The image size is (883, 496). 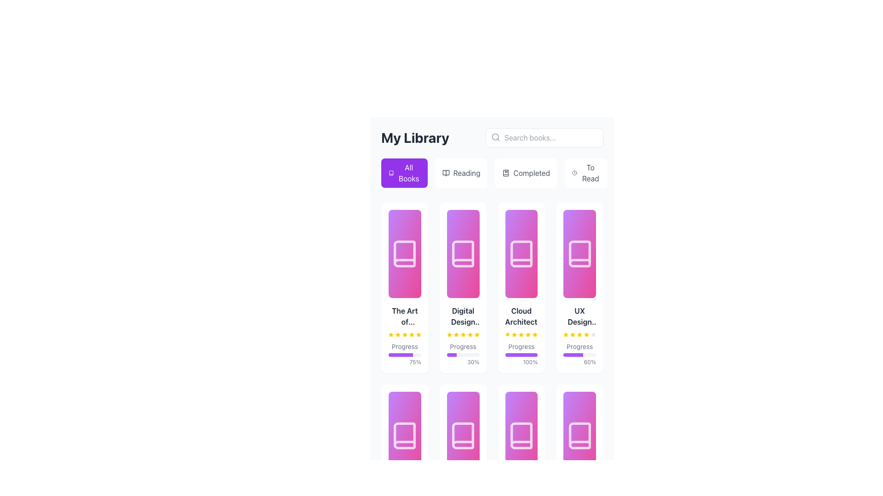 What do you see at coordinates (463, 354) in the screenshot?
I see `progress text from the progress bar of the book titled 'Digital Design Principles', located in the second column of the library grid, below the star rating` at bounding box center [463, 354].